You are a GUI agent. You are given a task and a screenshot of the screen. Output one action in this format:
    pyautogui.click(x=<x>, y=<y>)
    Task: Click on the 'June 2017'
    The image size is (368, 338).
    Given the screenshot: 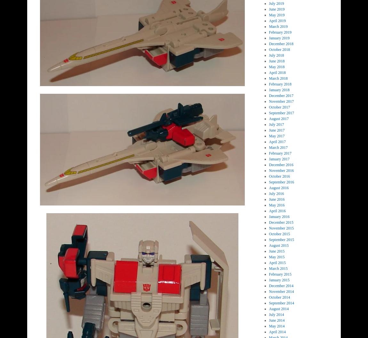 What is the action you would take?
    pyautogui.click(x=268, y=130)
    